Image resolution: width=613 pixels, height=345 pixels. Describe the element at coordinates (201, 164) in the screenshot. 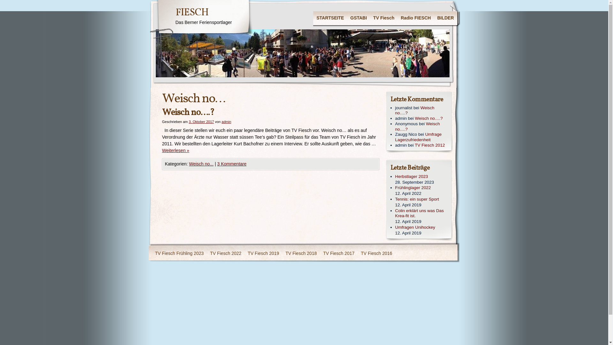

I see `'Weisch no...'` at that location.